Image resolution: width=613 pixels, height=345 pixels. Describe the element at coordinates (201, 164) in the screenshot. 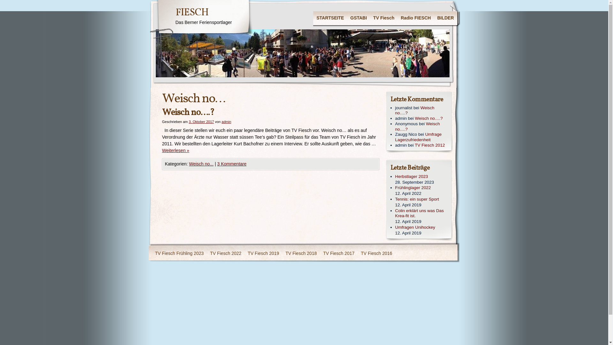

I see `'Weisch no...'` at that location.